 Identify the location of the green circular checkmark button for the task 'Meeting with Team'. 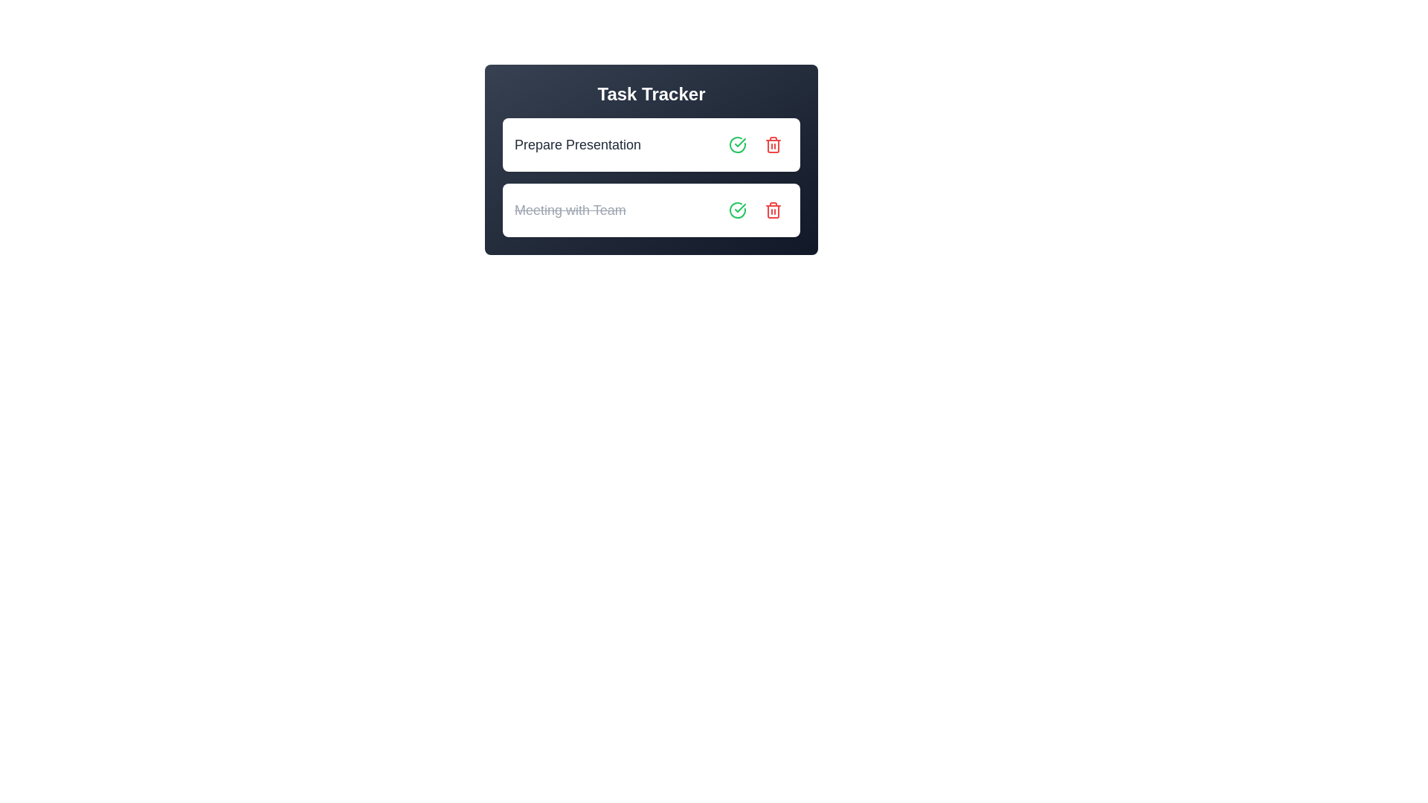
(738, 210).